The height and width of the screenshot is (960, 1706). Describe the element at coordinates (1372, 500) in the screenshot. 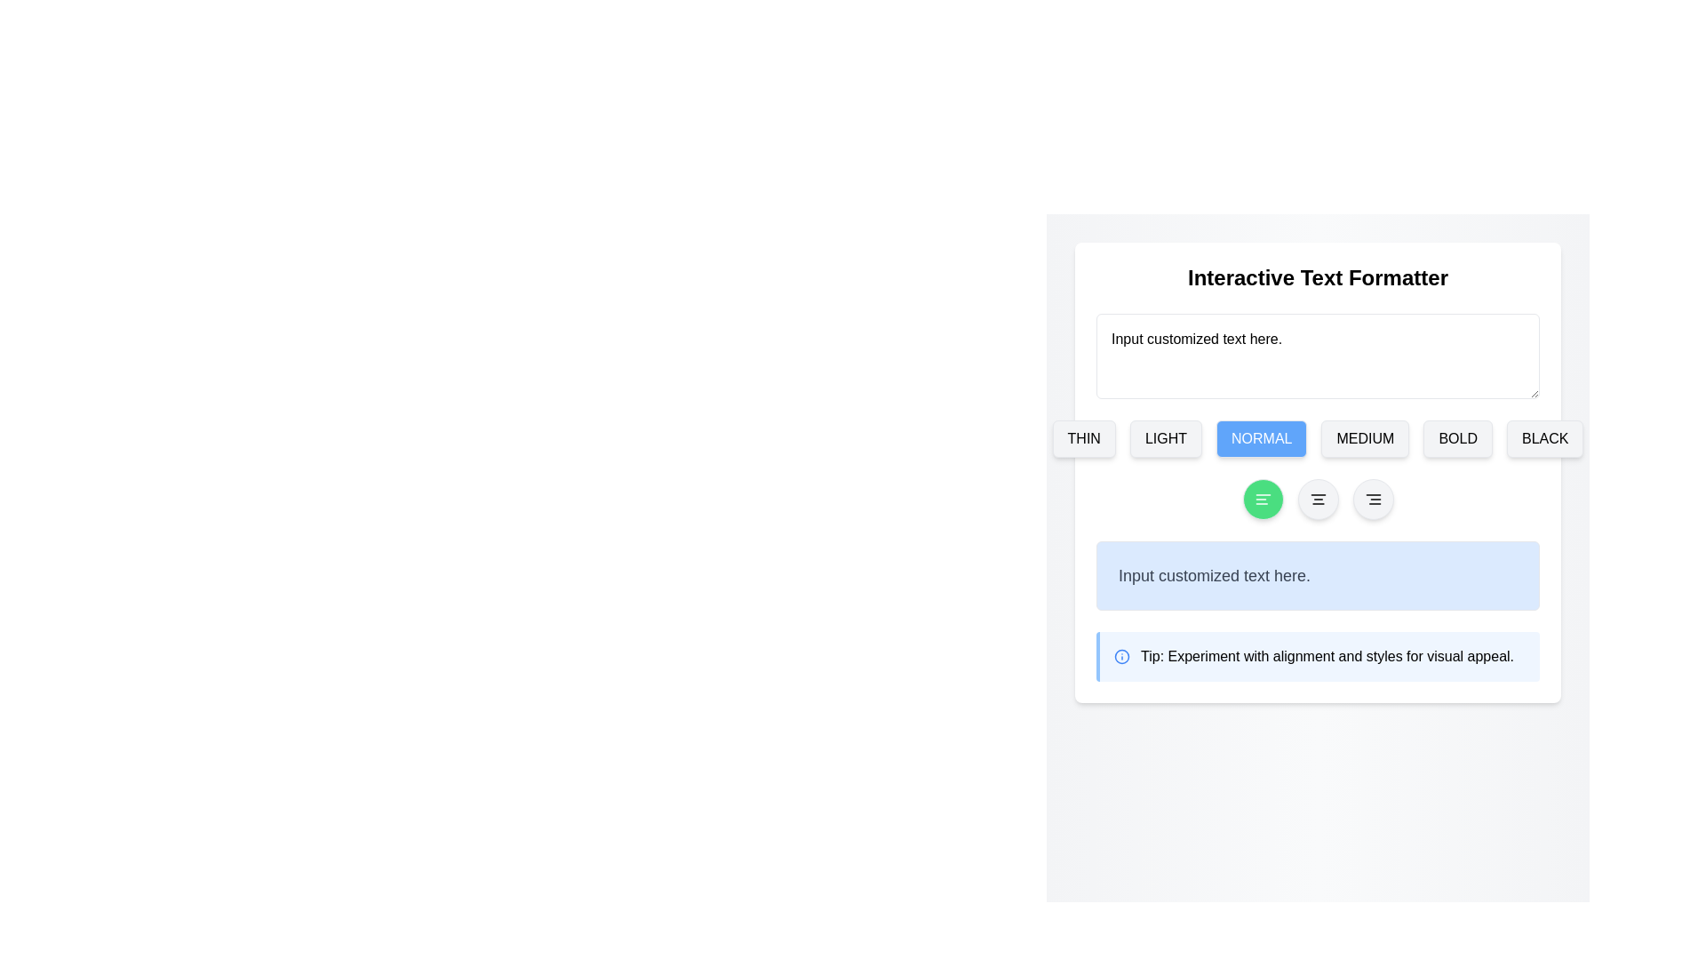

I see `the third icon in the horizontal group of alignment icons to change the text alignment to 'right align'` at that location.